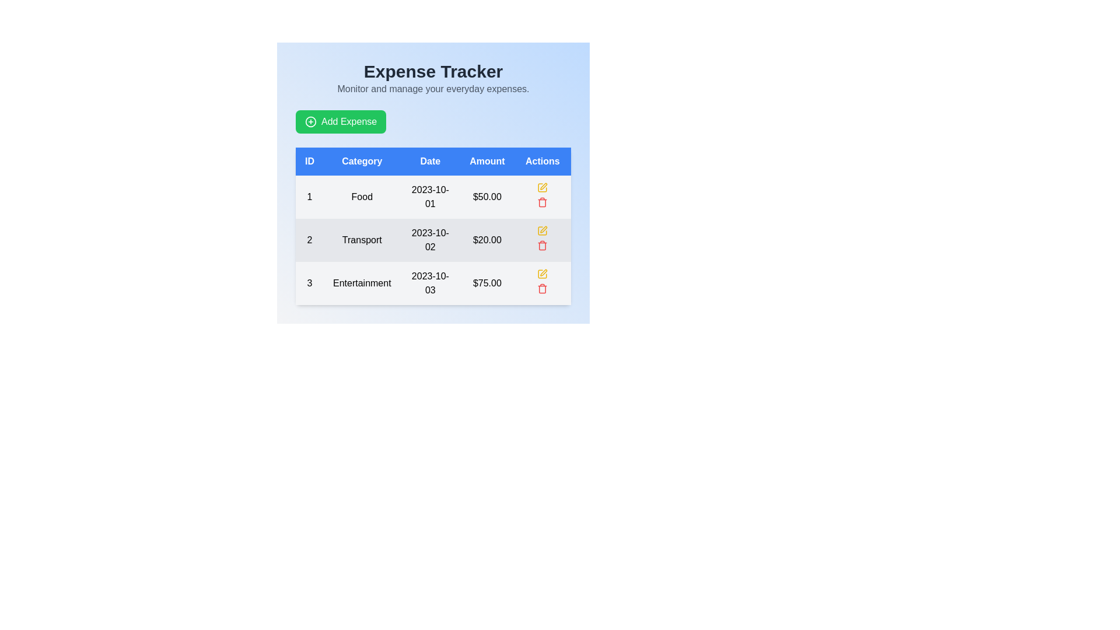  Describe the element at coordinates (542, 162) in the screenshot. I see `the static text label 'Actions', which is a blue rectangular segment with white text, located at the right-most edge of the table header in the last position of a row of labels` at that location.